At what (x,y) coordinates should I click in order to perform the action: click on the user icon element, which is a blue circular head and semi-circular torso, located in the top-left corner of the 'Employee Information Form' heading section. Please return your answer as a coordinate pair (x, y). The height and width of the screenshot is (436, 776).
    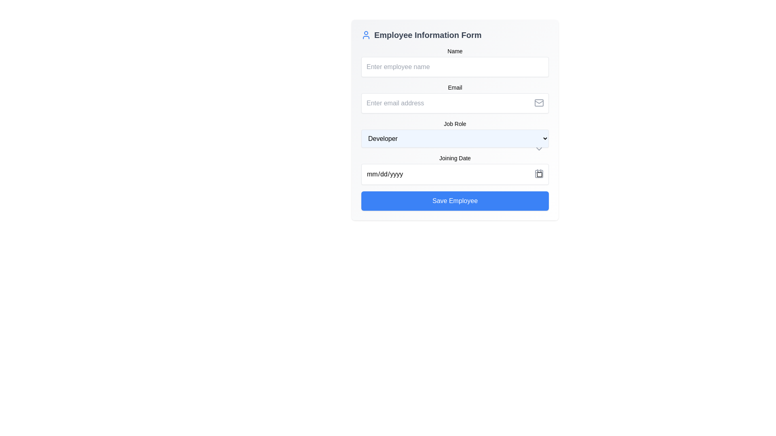
    Looking at the image, I should click on (366, 35).